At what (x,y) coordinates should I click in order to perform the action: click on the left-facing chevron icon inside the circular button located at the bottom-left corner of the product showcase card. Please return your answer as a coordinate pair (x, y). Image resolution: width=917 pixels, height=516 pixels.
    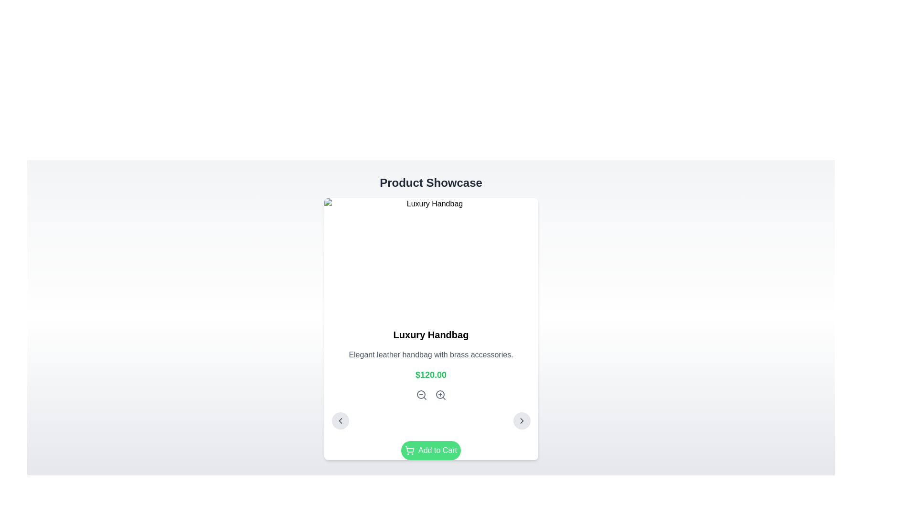
    Looking at the image, I should click on (340, 420).